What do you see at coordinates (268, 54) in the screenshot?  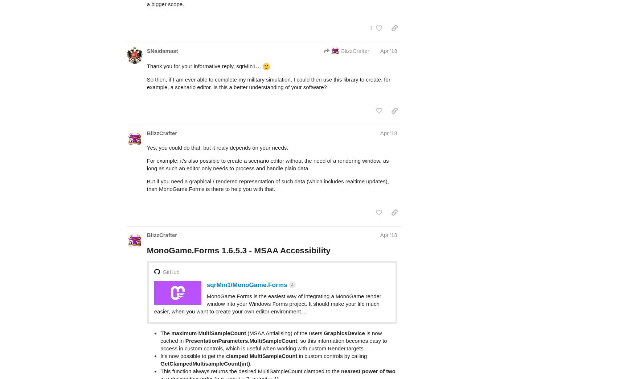 I see `'So then, if I am ever able to complete my military simulation, I could then use this library to create, for example, a scenario editor.  Is this a better understanding of your software?'` at bounding box center [268, 54].